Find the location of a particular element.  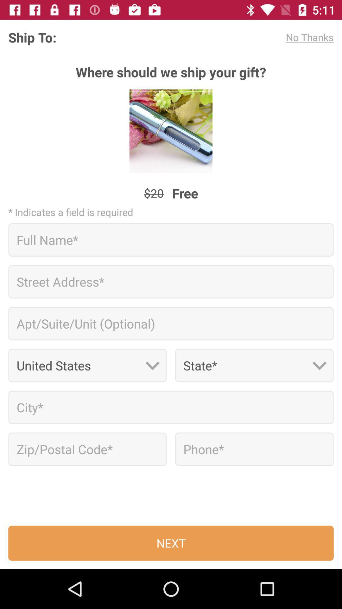

text box to enter phone number is located at coordinates (254, 449).